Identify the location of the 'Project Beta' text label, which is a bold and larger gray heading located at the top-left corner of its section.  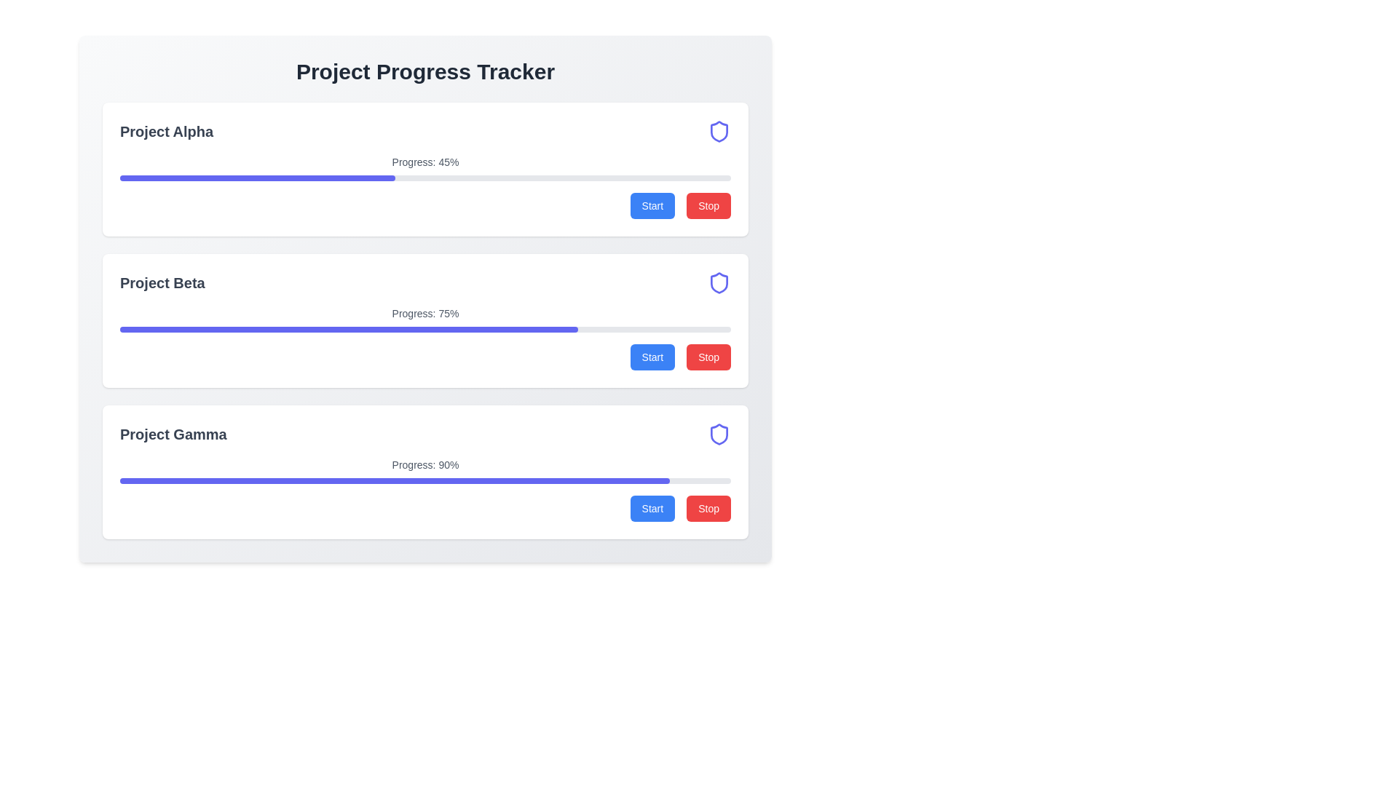
(162, 283).